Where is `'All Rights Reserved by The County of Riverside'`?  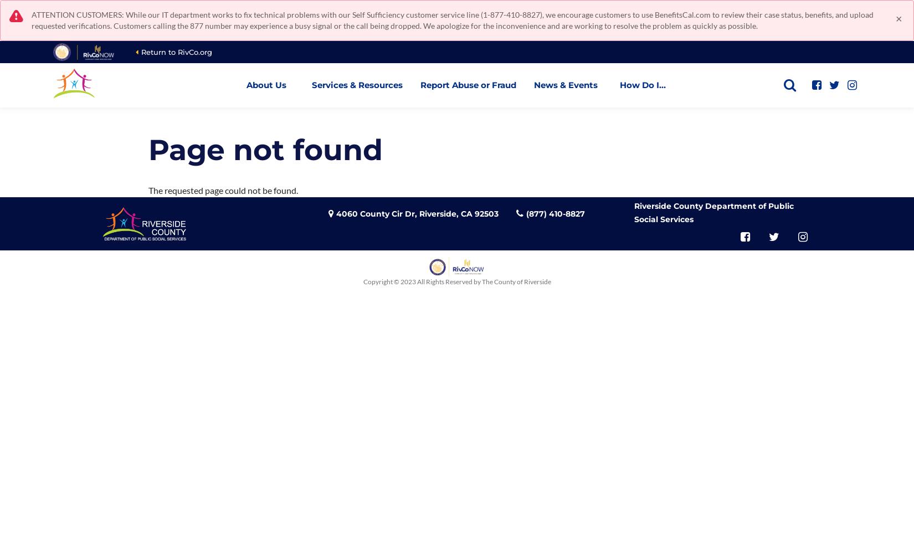
'All Rights Reserved by The County of Riverside' is located at coordinates (484, 281).